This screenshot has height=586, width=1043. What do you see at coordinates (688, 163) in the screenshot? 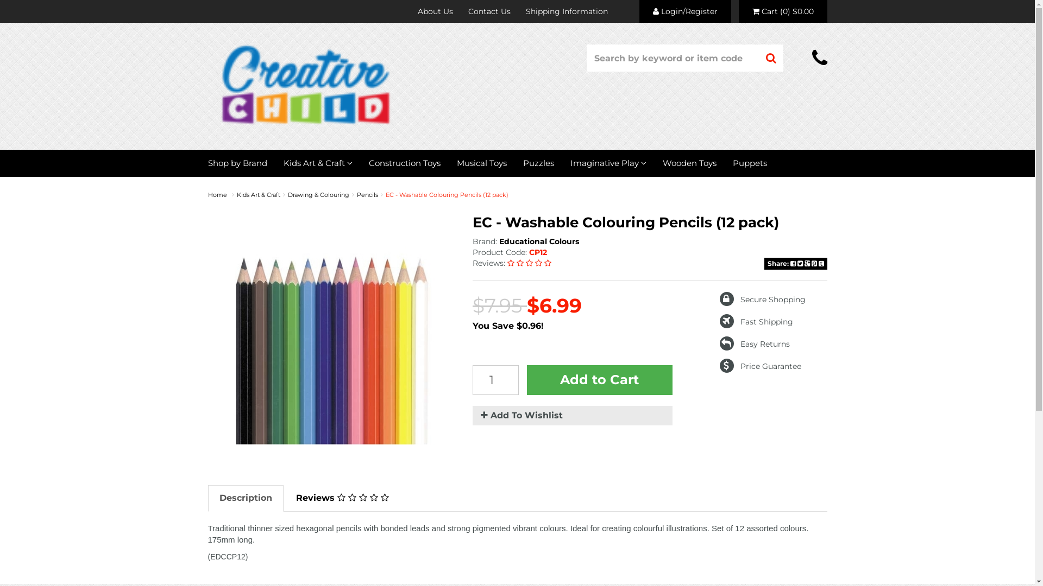
I see `'Wooden Toys'` at bounding box center [688, 163].